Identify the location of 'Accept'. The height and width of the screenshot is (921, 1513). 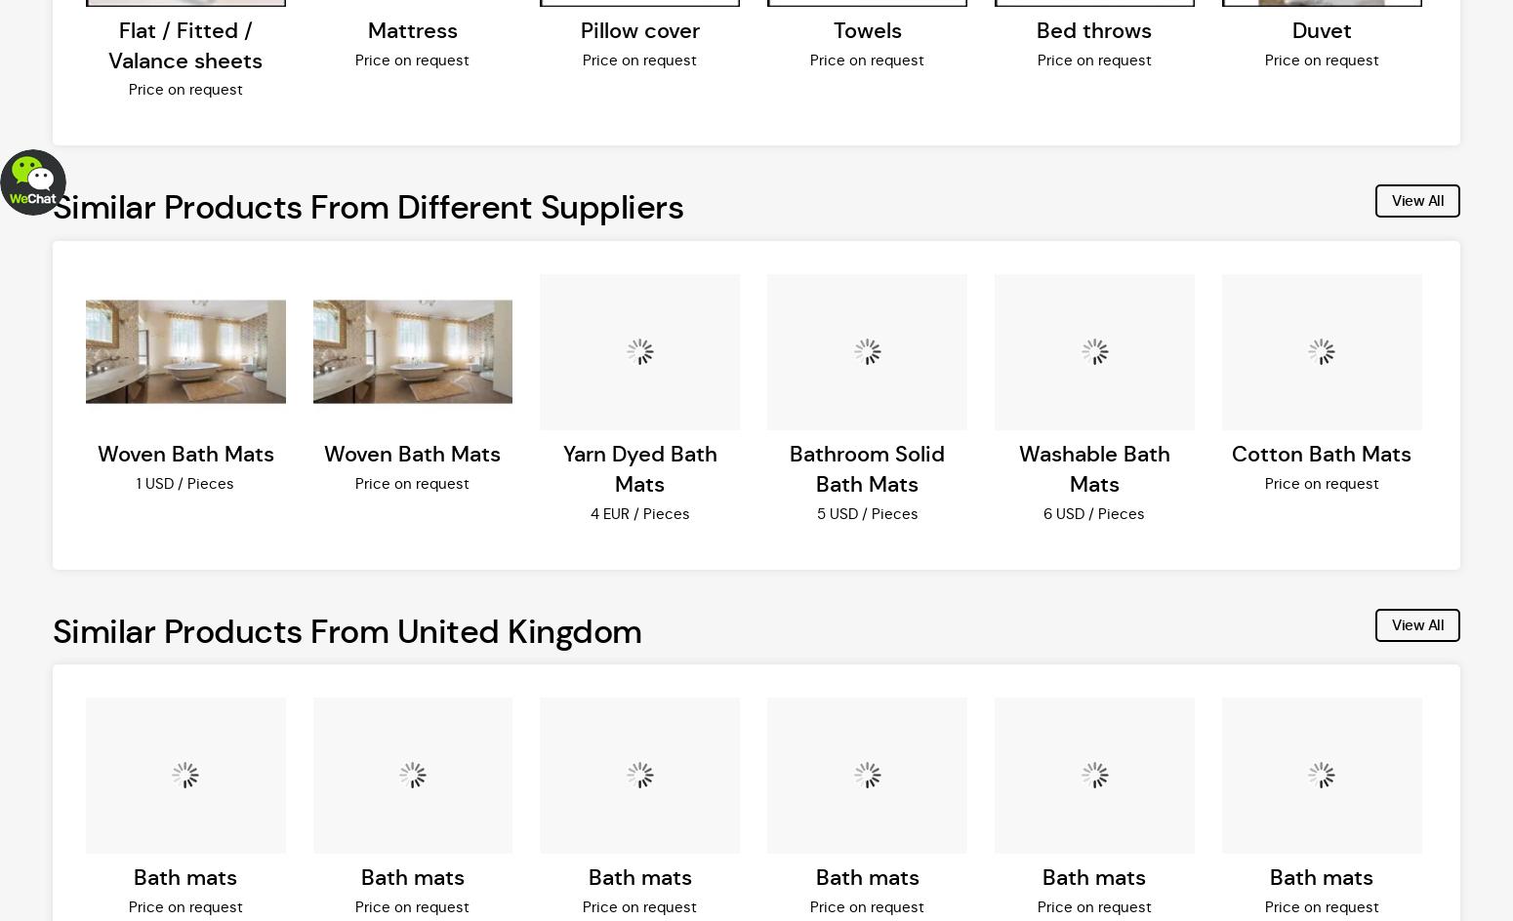
(1331, 67).